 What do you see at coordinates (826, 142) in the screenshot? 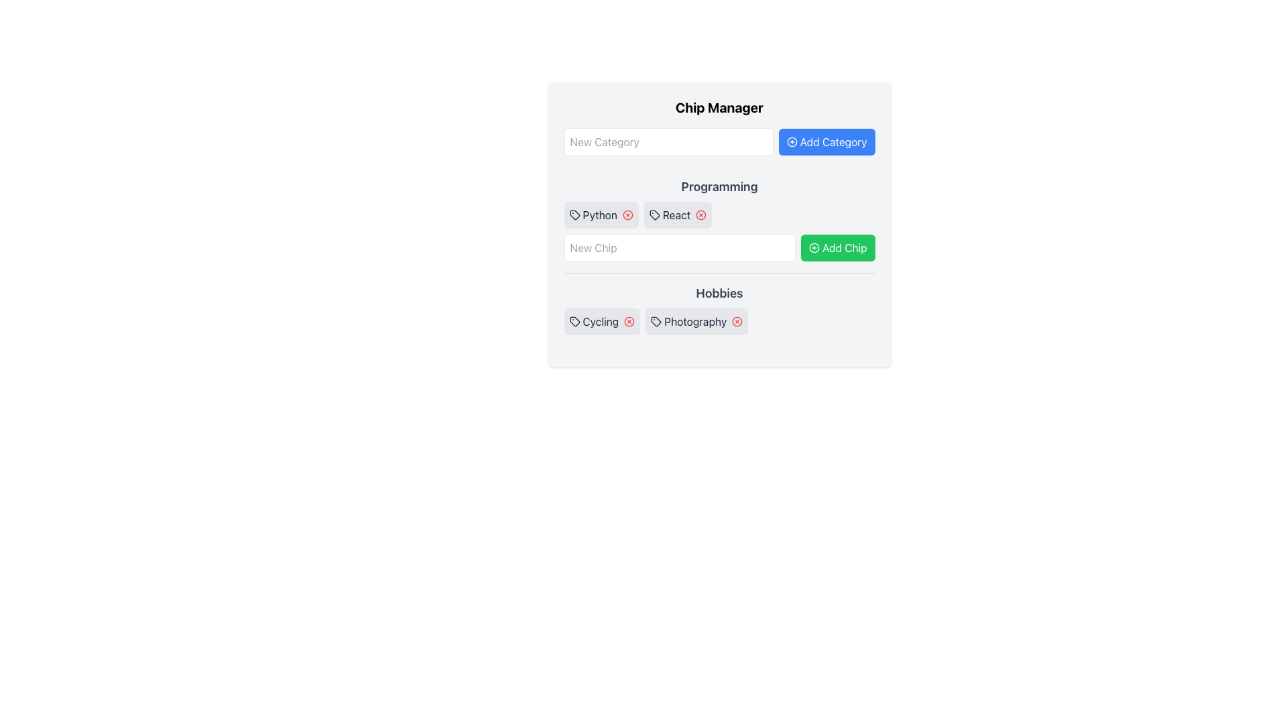
I see `the 'Add Category' button located directly to the right of the text input field with placeholder text 'New Category'` at bounding box center [826, 142].